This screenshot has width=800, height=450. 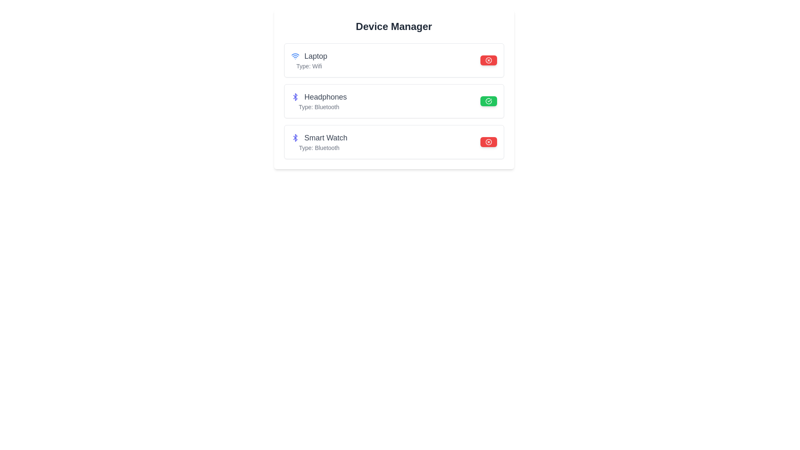 What do you see at coordinates (488, 60) in the screenshot?
I see `the red button with a circled 'X' icon located in the top-right corner of the 'Laptop' item block in the 'Device Manager' interface` at bounding box center [488, 60].